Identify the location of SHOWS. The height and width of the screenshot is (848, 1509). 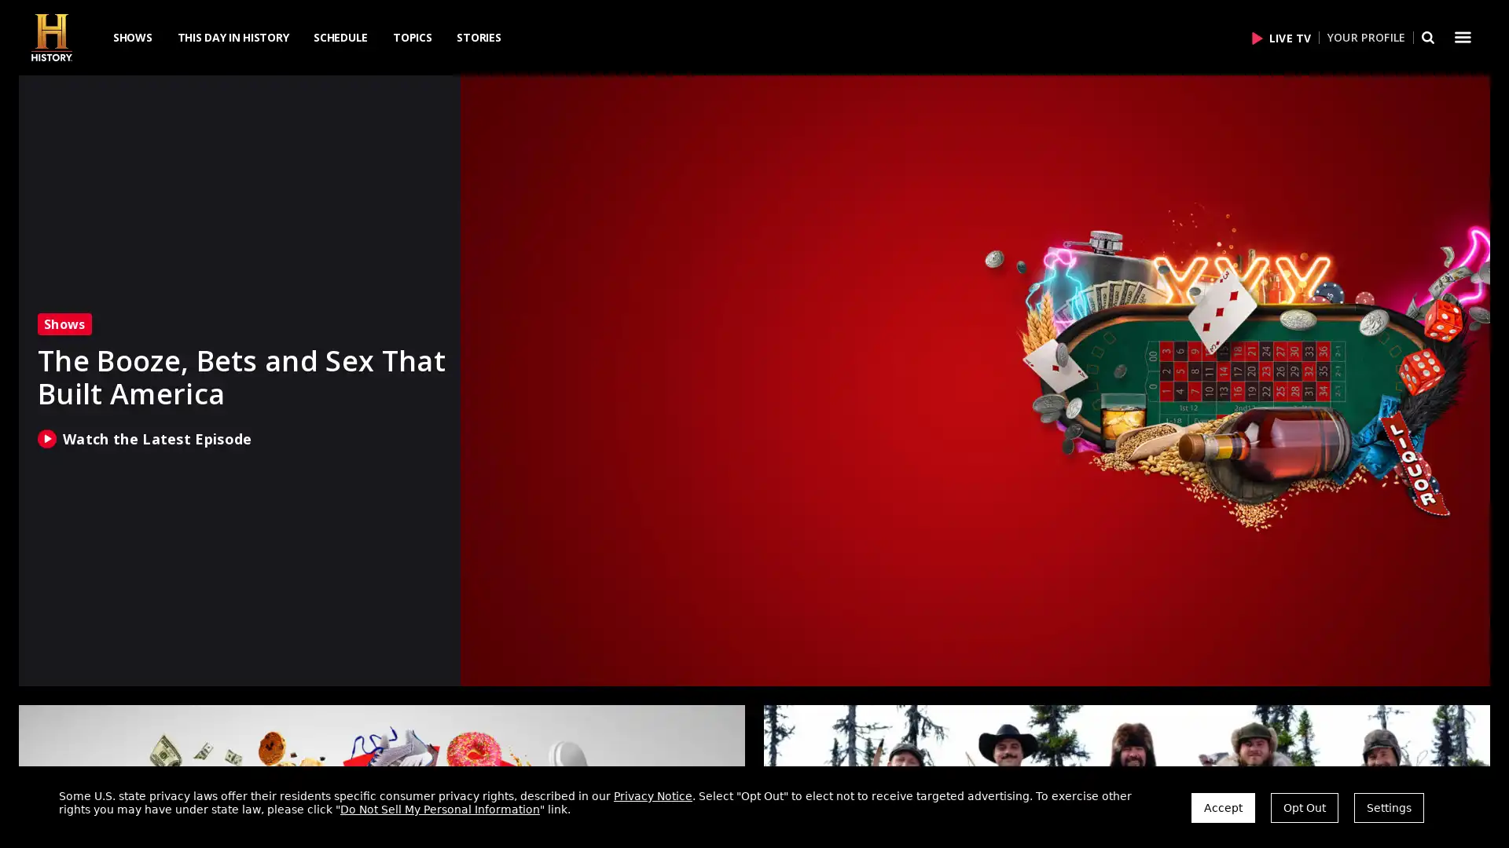
(132, 36).